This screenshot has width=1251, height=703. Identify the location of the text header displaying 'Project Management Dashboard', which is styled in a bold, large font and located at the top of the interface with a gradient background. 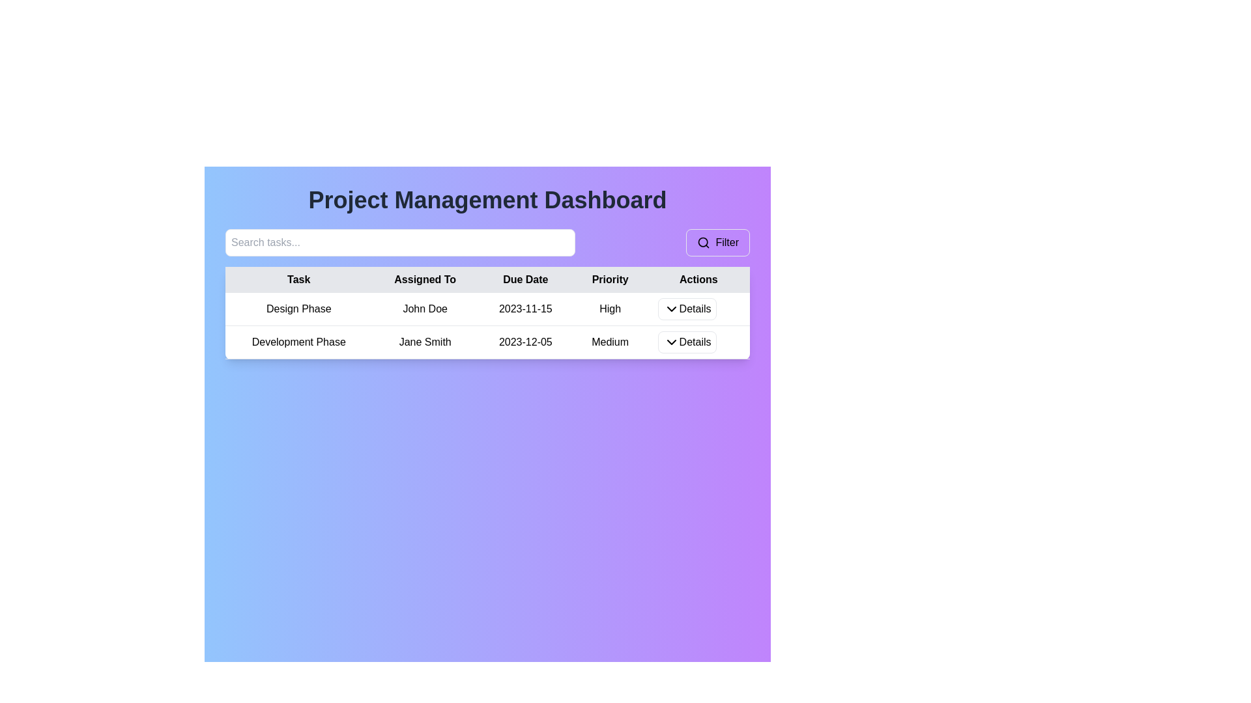
(487, 200).